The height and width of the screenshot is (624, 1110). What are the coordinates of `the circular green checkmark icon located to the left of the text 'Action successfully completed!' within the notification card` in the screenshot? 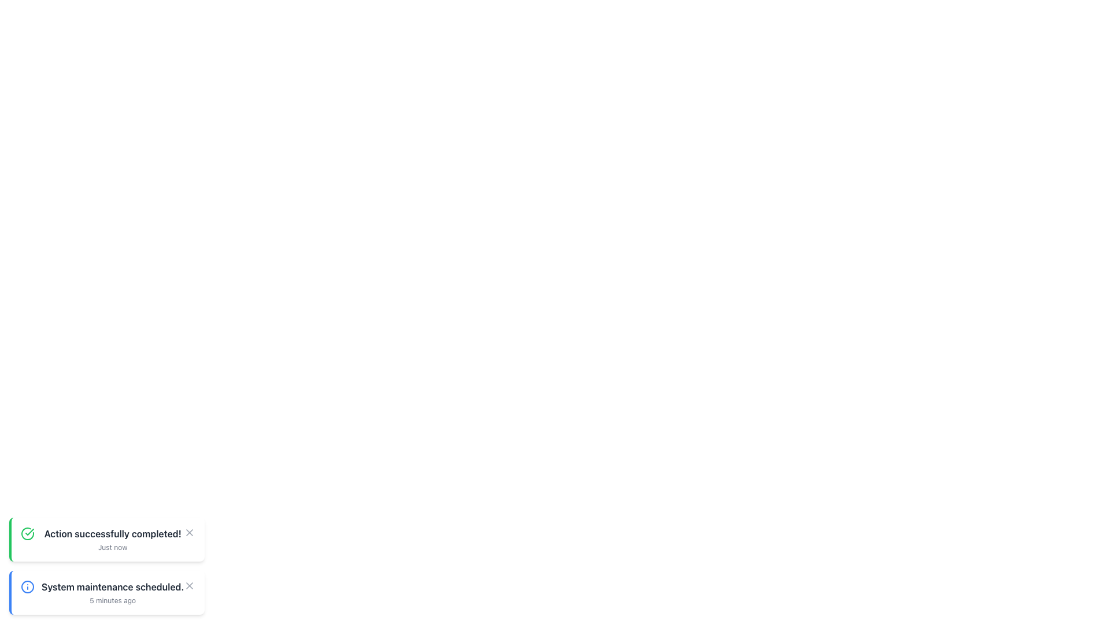 It's located at (28, 534).